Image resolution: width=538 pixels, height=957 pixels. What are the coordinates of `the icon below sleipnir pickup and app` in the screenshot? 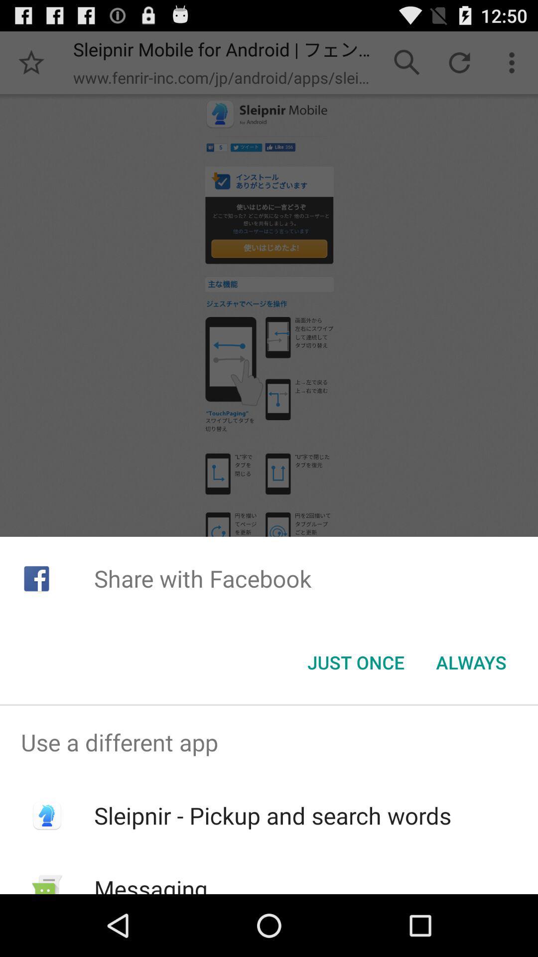 It's located at (151, 883).